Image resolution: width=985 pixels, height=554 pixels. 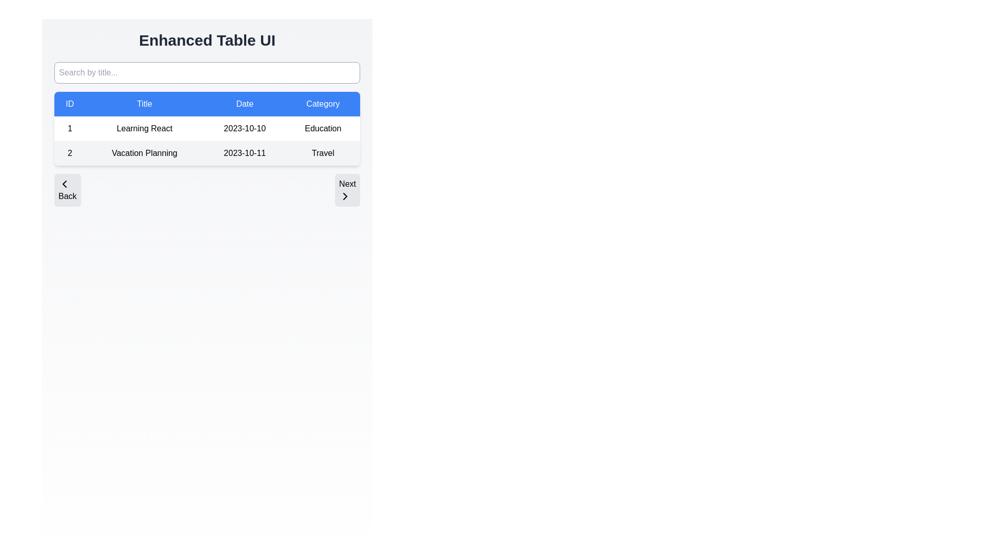 I want to click on the Text label that represents the title of a listed table entry, located in the second row of the table under the 'Title' column, so click(x=144, y=153).